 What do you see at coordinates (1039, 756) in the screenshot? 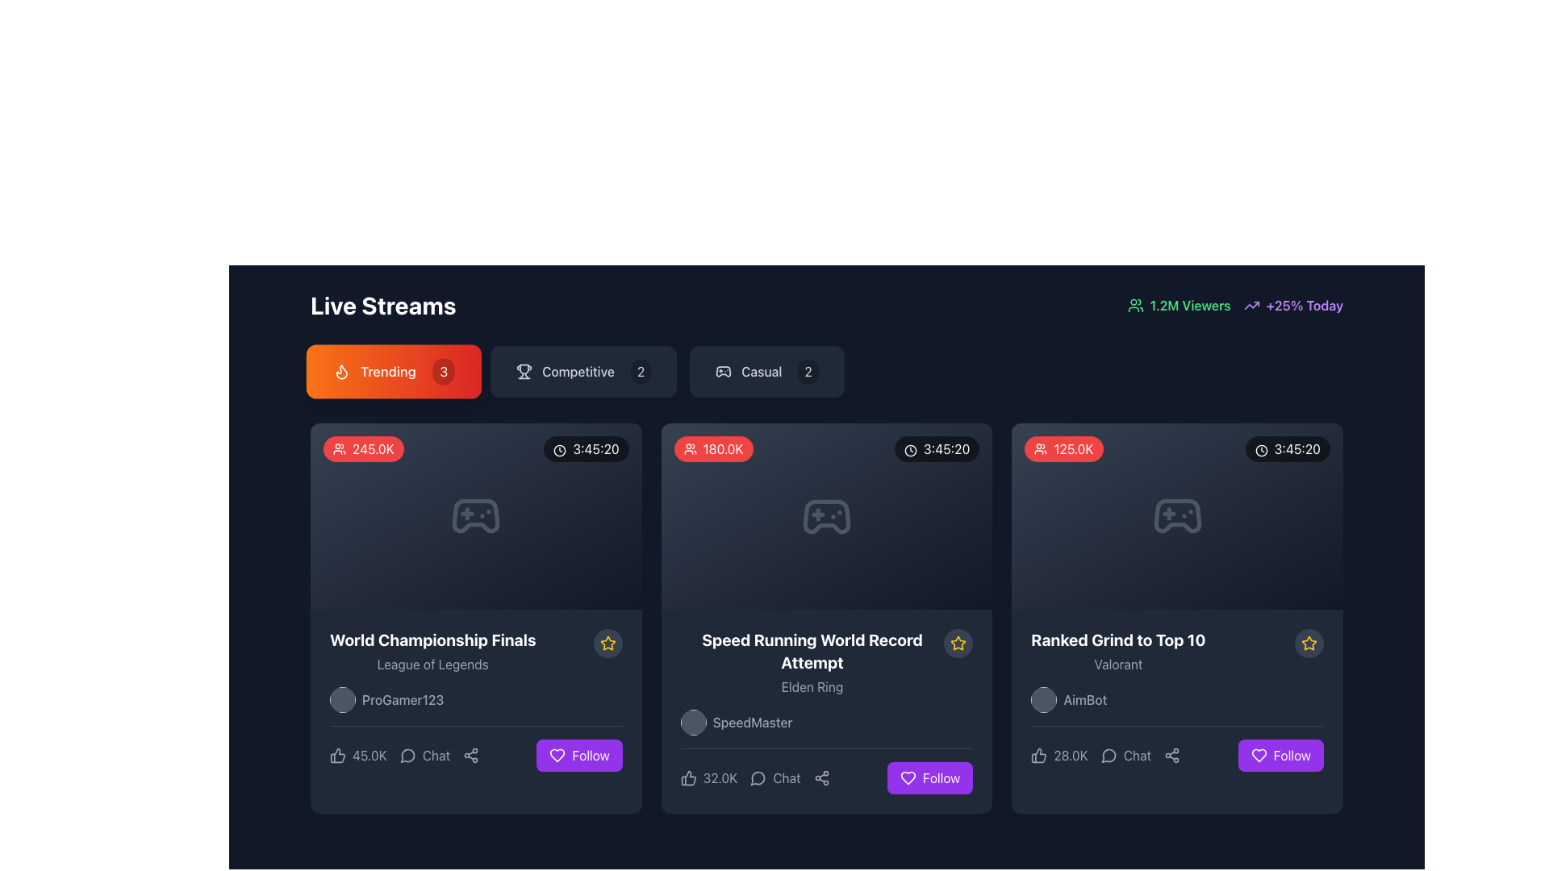
I see `the like icon located at the bottom right of the 'Ranked Grind to Top 10' card` at bounding box center [1039, 756].